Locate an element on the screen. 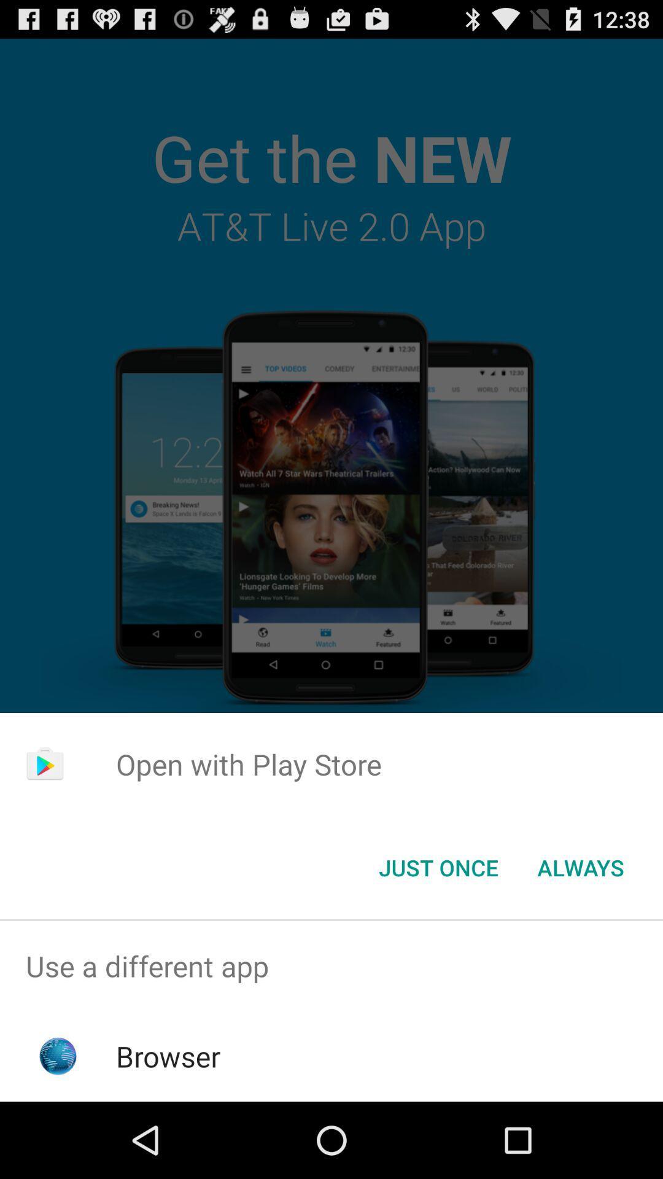 Image resolution: width=663 pixels, height=1179 pixels. the app below open with play is located at coordinates (438, 866).